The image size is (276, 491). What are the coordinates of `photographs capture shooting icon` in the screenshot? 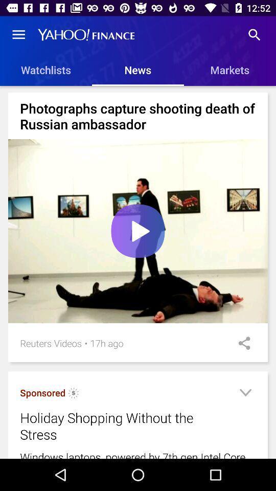 It's located at (138, 116).